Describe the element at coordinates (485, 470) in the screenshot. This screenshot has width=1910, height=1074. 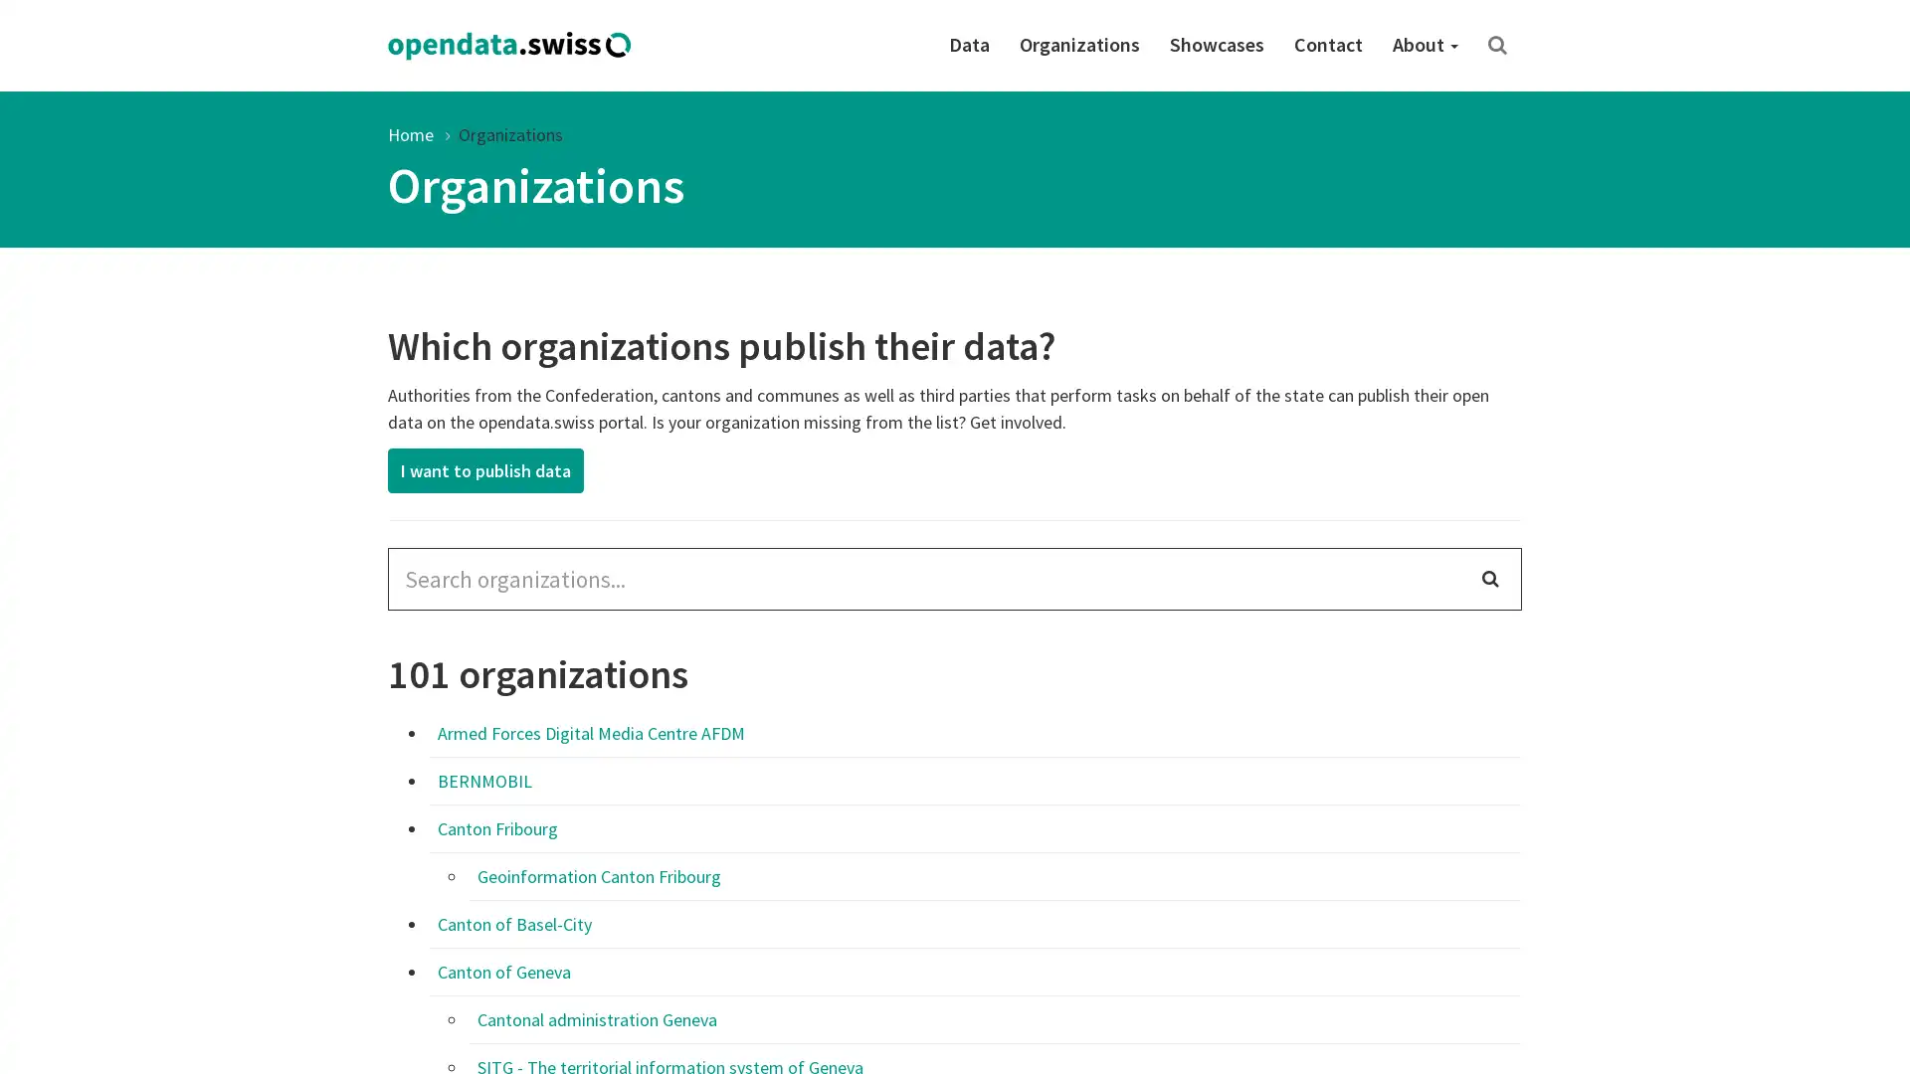
I see `I want to publish data` at that location.